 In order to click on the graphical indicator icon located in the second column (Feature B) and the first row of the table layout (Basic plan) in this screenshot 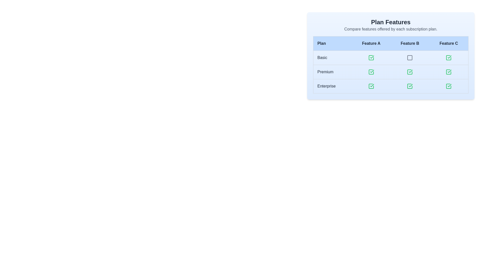, I will do `click(410, 57)`.